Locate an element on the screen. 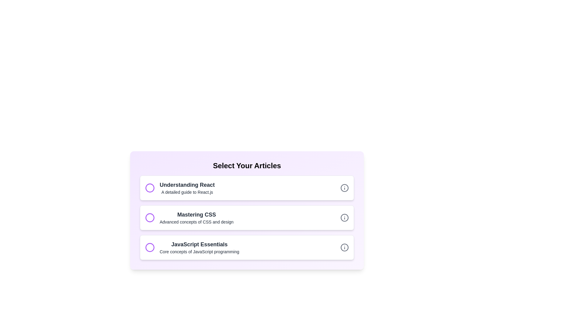 Image resolution: width=584 pixels, height=328 pixels. the title and description of the article with title Mastering CSS is located at coordinates (247, 217).